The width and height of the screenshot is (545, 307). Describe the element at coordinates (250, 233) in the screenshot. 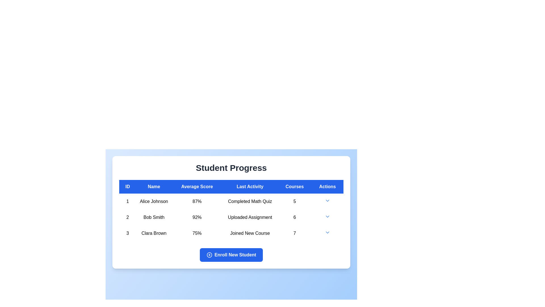

I see `the text label displaying 'Joined New Course' in the third row under the 'Last Activity' column associated with Clara Brown` at that location.